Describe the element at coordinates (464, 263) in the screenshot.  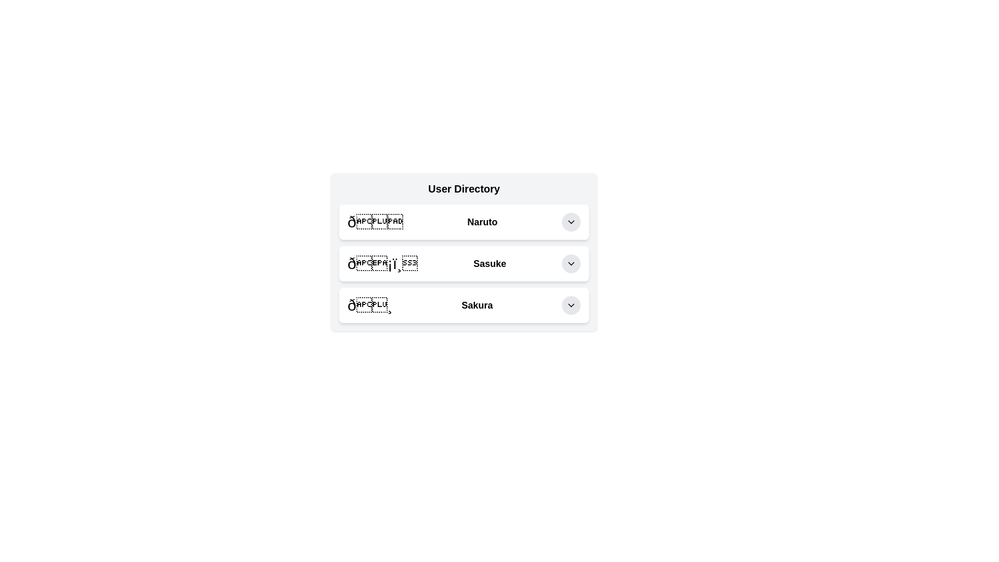
I see `the name 'Sasuke' in the User Directory list item` at that location.